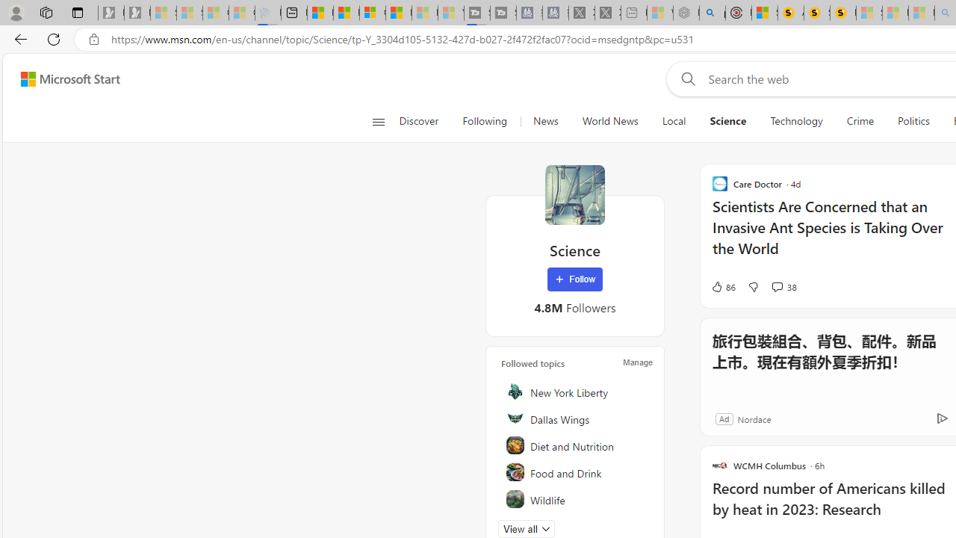 This screenshot has height=538, width=956. What do you see at coordinates (574, 194) in the screenshot?
I see `'Science'` at bounding box center [574, 194].